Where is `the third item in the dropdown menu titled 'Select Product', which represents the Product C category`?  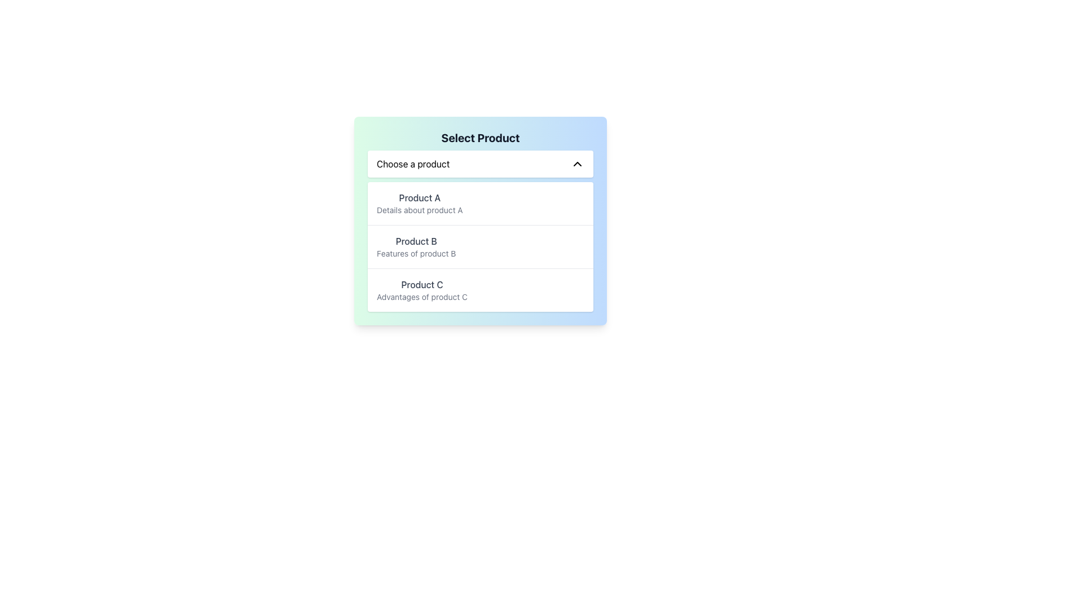
the third item in the dropdown menu titled 'Select Product', which represents the Product C category is located at coordinates (480, 289).